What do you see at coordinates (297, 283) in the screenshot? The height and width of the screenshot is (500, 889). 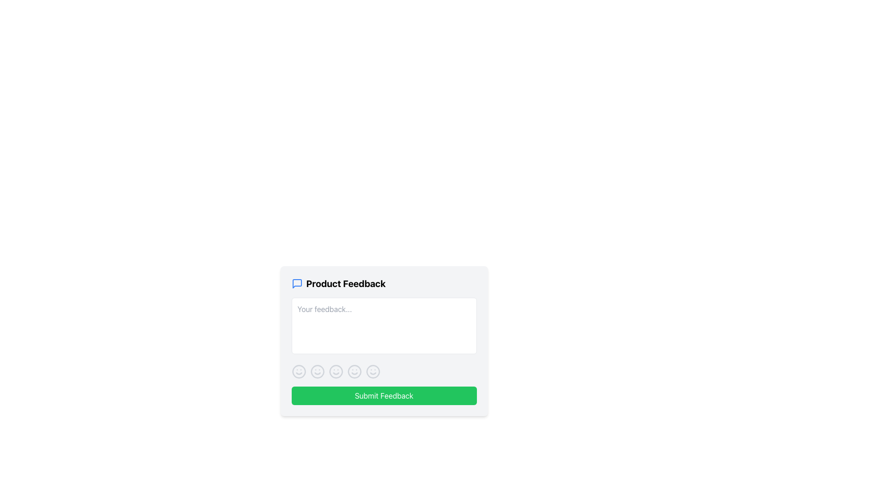 I see `the speech bubble icon in the 'Product Feedback' section, located at the top-left corner above the text input area` at bounding box center [297, 283].